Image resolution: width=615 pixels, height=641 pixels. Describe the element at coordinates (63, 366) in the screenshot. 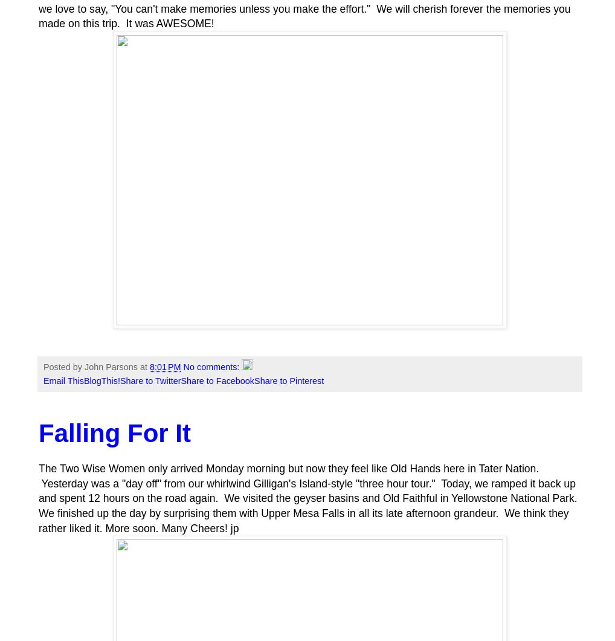

I see `'Posted by'` at that location.